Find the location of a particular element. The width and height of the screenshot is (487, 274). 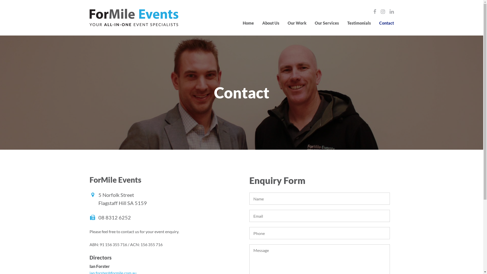

'Our Services' is located at coordinates (326, 23).